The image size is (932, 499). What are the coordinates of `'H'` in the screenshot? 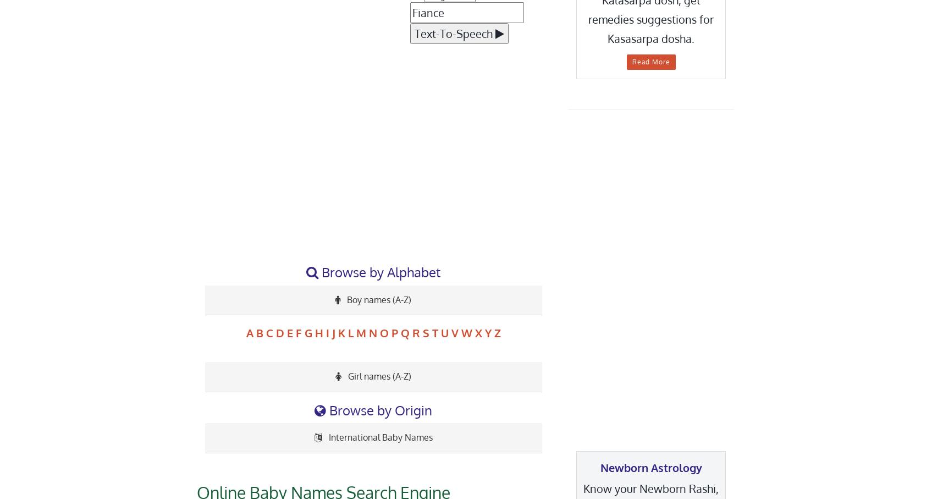 It's located at (318, 332).